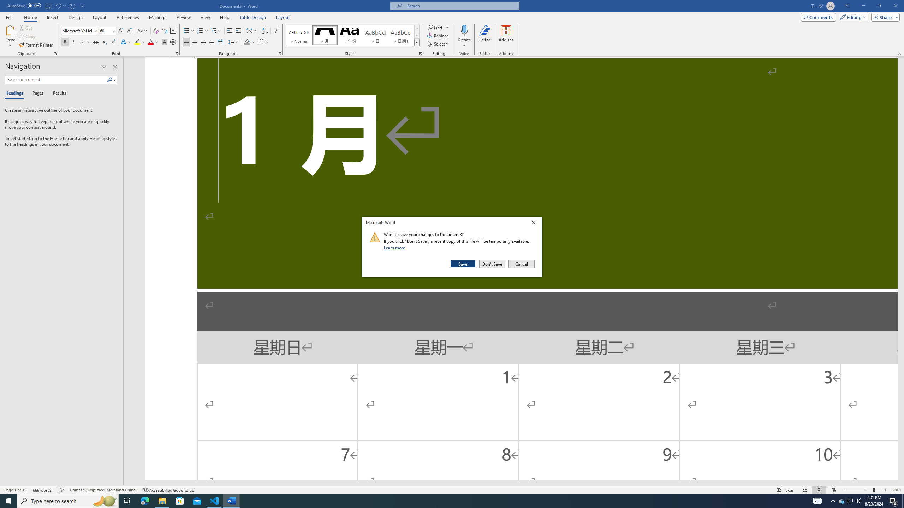 The width and height of the screenshot is (904, 508). Describe the element at coordinates (150, 42) in the screenshot. I see `'Font Color RGB(255, 0, 0)'` at that location.